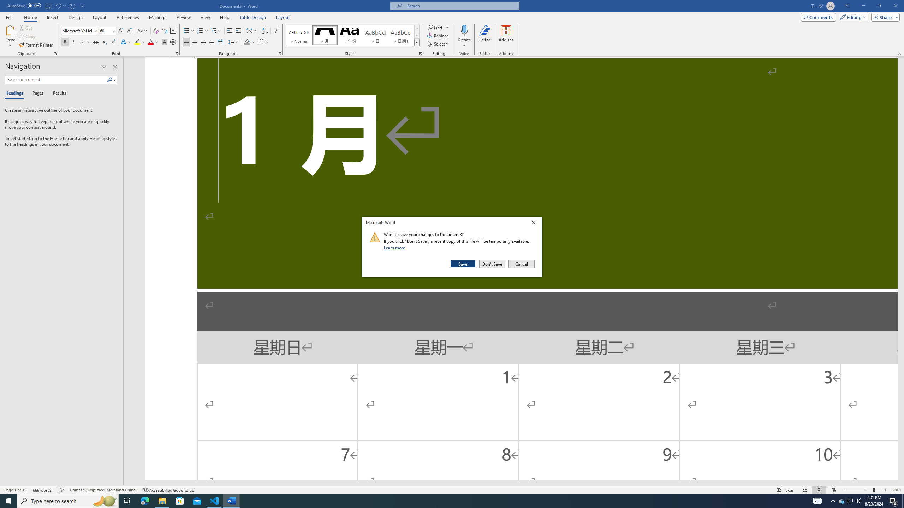 The width and height of the screenshot is (904, 508). Describe the element at coordinates (150, 42) in the screenshot. I see `'Font Color RGB(255, 0, 0)'` at that location.